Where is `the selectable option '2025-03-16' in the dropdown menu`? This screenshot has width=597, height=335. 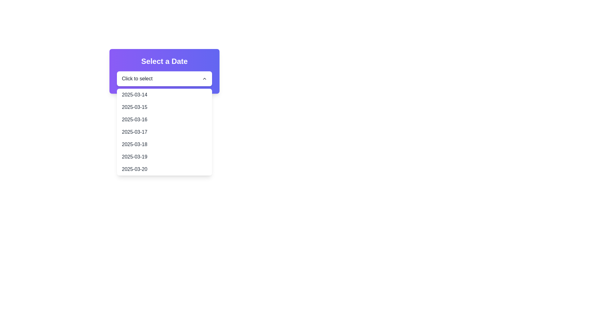
the selectable option '2025-03-16' in the dropdown menu is located at coordinates (134, 119).